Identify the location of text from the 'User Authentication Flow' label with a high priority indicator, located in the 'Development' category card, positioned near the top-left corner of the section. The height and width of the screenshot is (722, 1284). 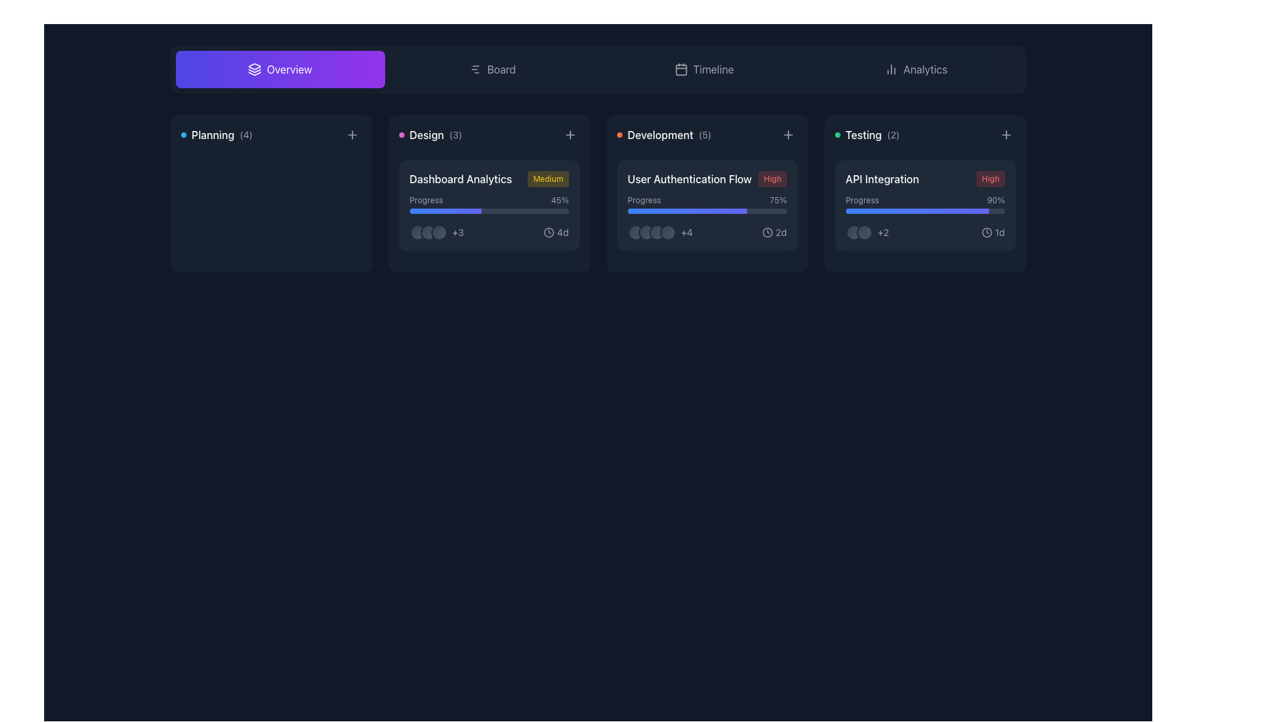
(706, 178).